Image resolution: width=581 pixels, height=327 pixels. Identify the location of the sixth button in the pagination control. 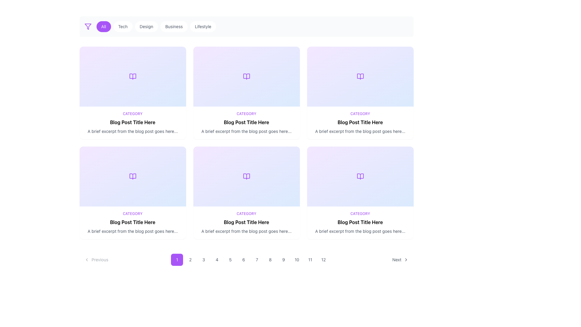
(244, 259).